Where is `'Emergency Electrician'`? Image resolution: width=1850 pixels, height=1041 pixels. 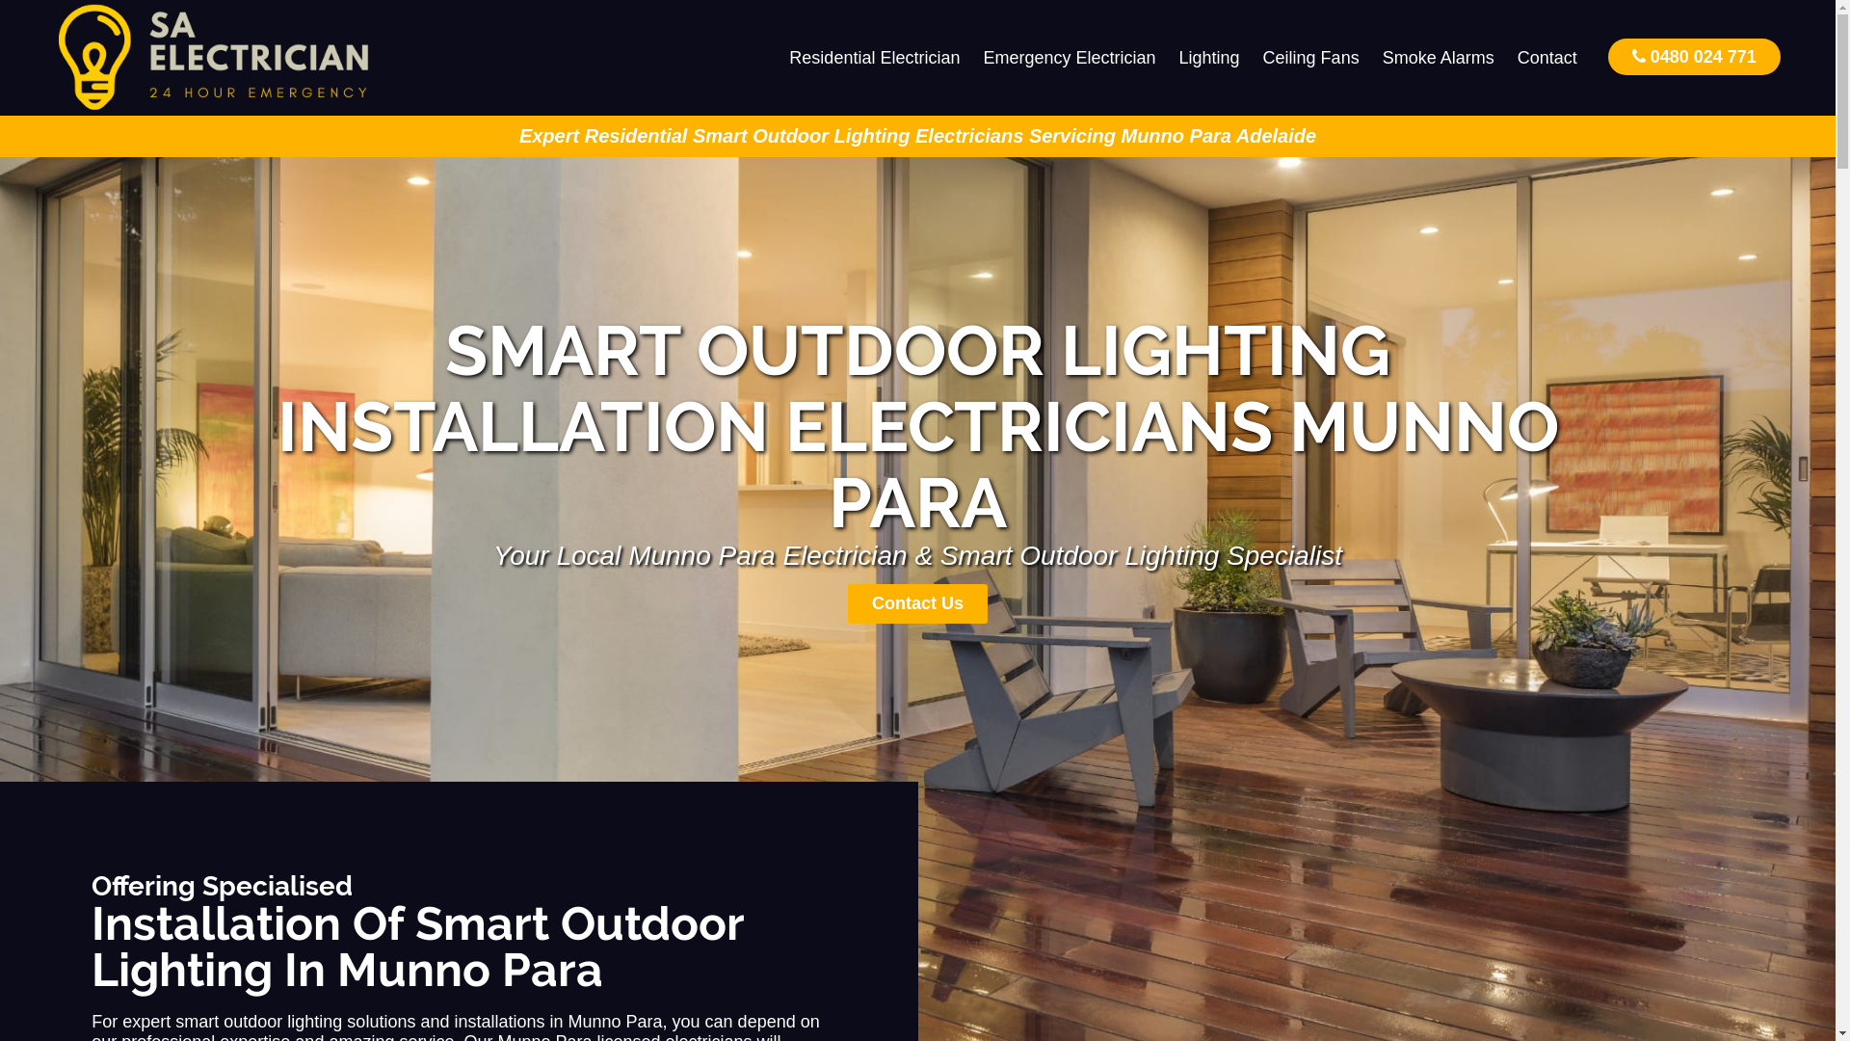
'Emergency Electrician' is located at coordinates (1068, 57).